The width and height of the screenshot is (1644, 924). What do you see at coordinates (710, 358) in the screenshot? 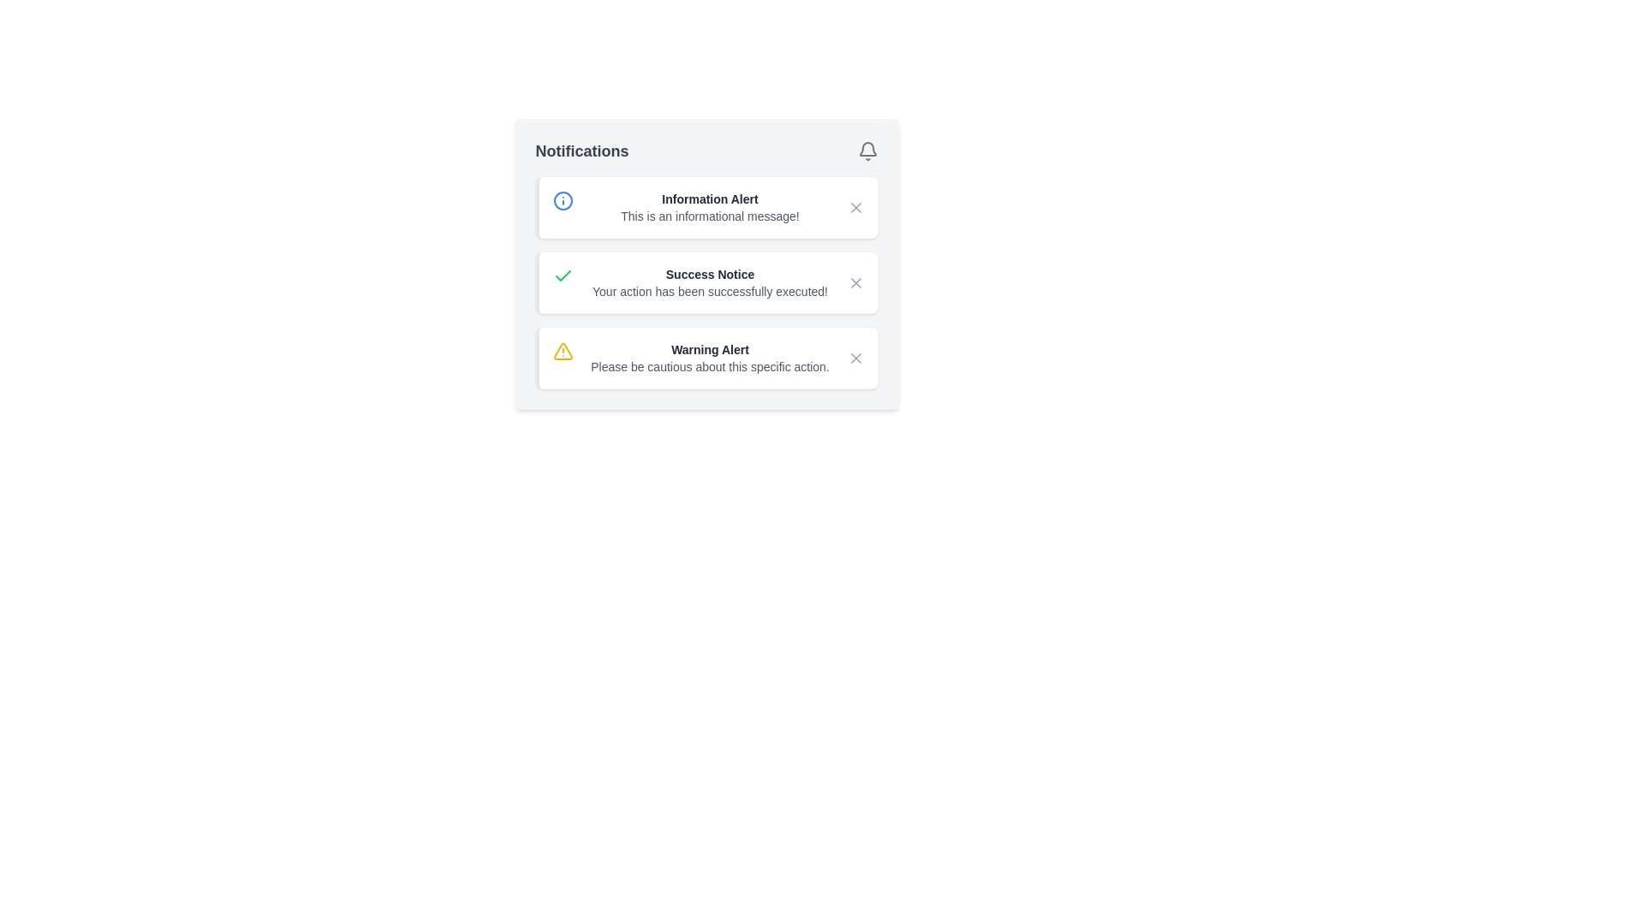
I see `the notification alert that warns the user about a specific action, positioned below the 'Success Notice' notification` at bounding box center [710, 358].